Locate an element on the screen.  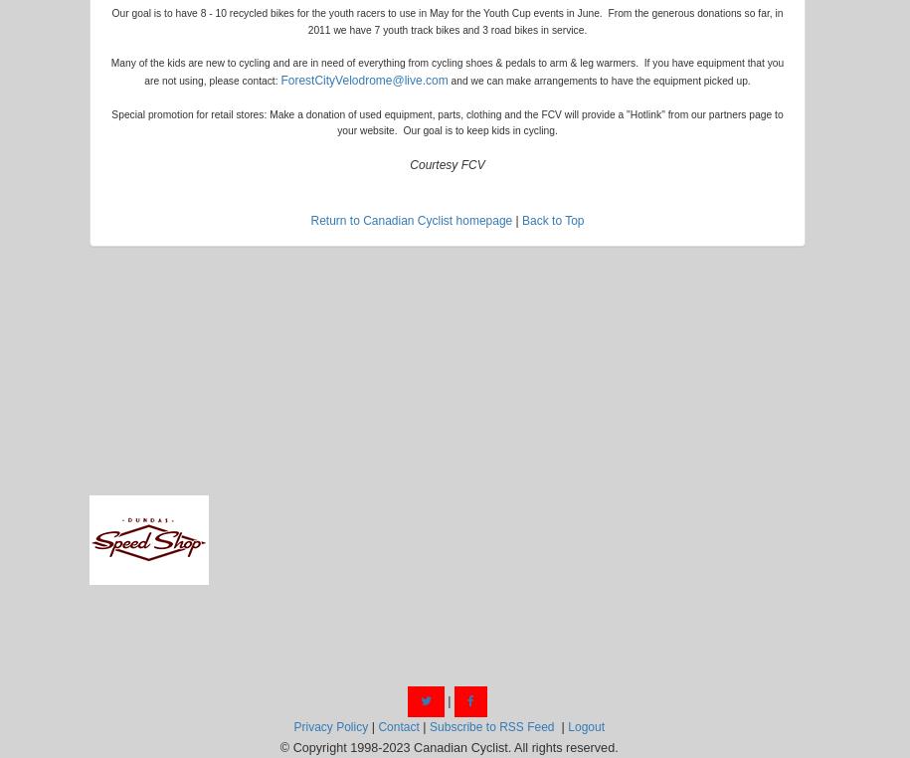
'Logout' is located at coordinates (585, 726).